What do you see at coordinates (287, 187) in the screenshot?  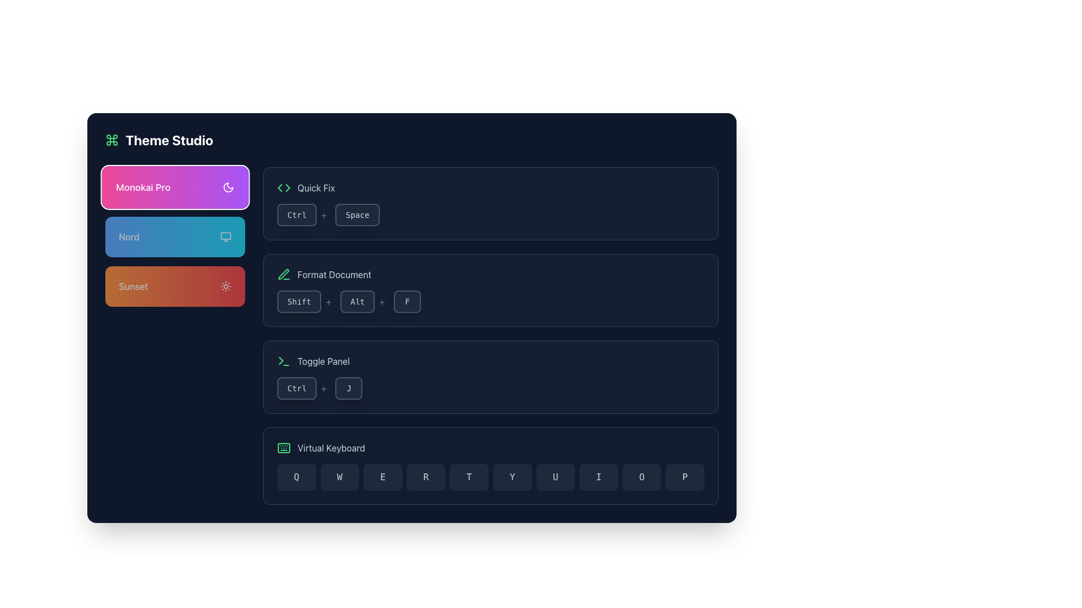 I see `the Chevron icon located in the 'Quick Fix' section, right side of the chevron group, next to the text label` at bounding box center [287, 187].